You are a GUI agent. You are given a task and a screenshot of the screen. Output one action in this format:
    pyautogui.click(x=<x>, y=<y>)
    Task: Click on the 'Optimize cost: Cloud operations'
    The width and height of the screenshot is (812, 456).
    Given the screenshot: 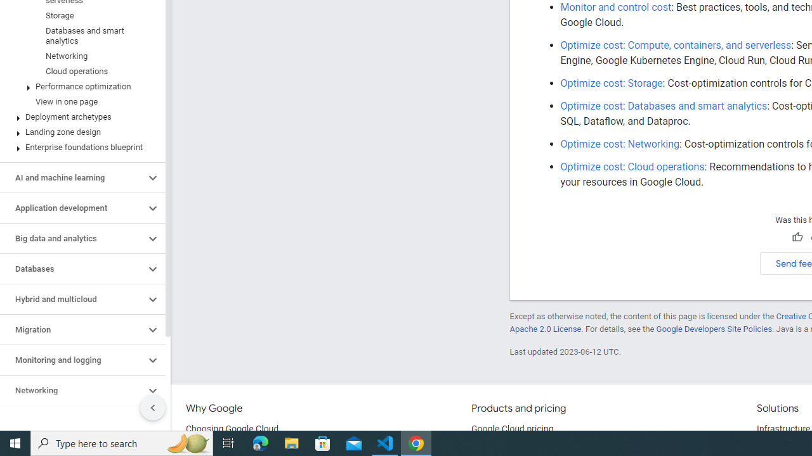 What is the action you would take?
    pyautogui.click(x=632, y=166)
    